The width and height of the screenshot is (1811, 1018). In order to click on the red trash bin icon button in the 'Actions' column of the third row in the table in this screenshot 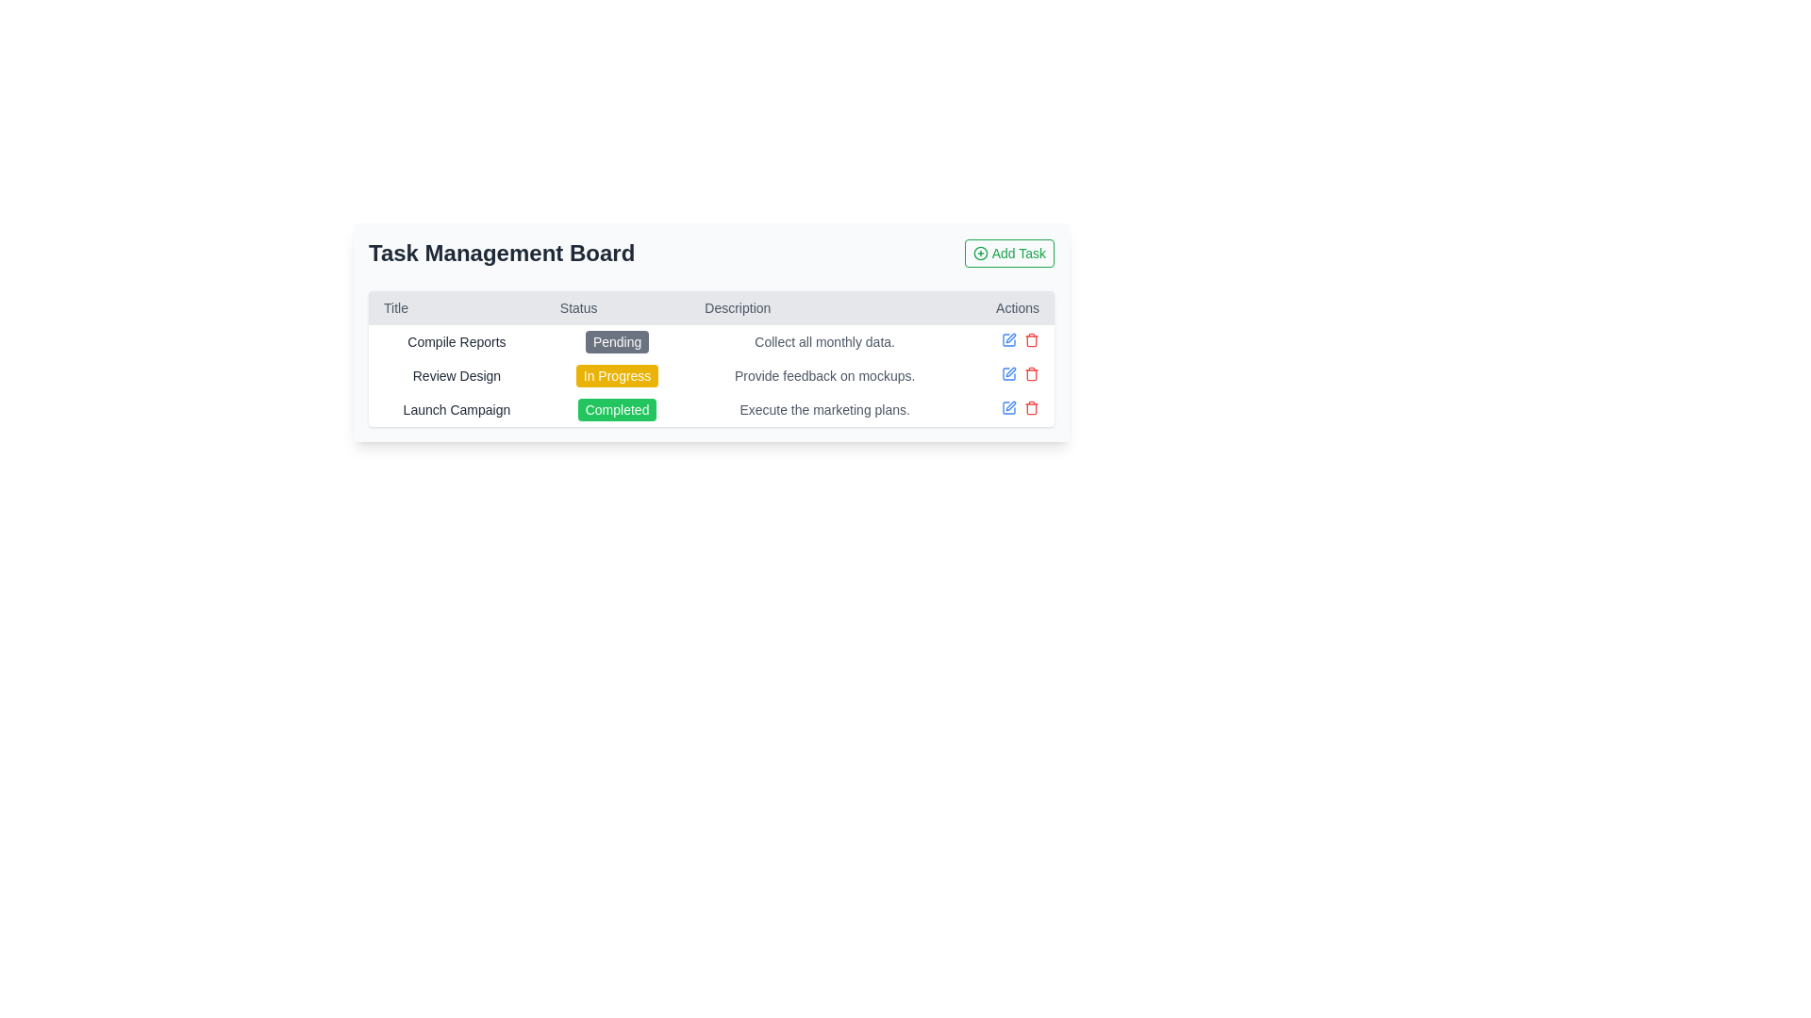, I will do `click(1031, 374)`.